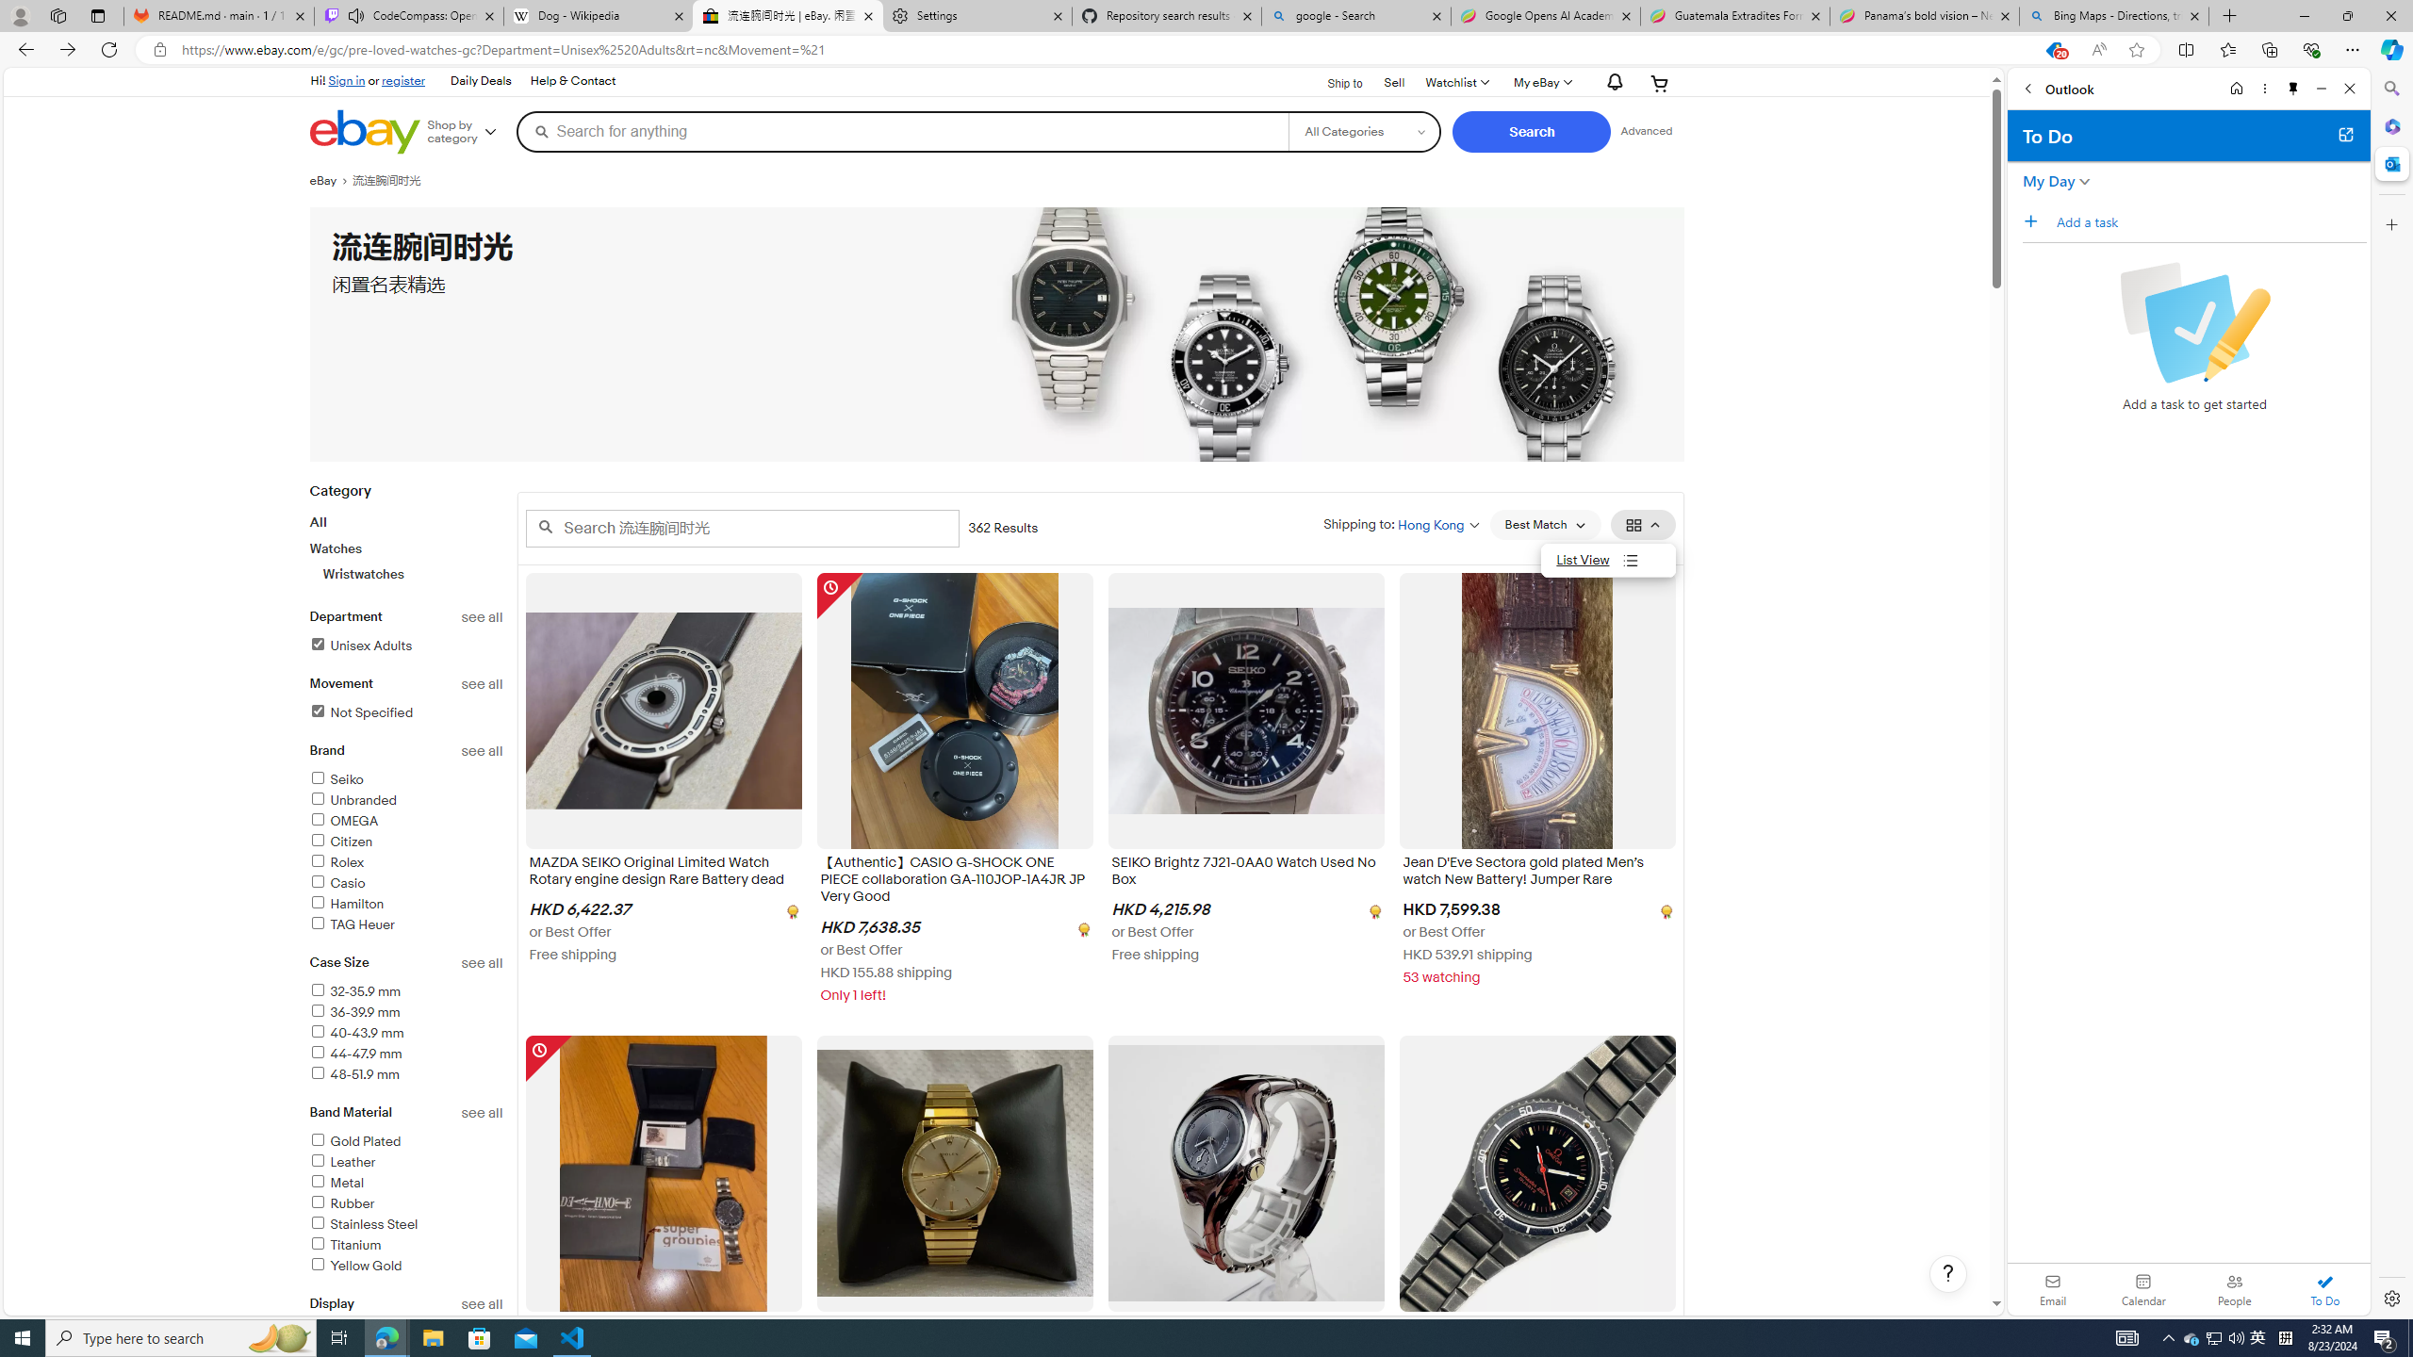 The image size is (2413, 1357). What do you see at coordinates (1544, 524) in the screenshot?
I see `'Sort: Best Match'` at bounding box center [1544, 524].